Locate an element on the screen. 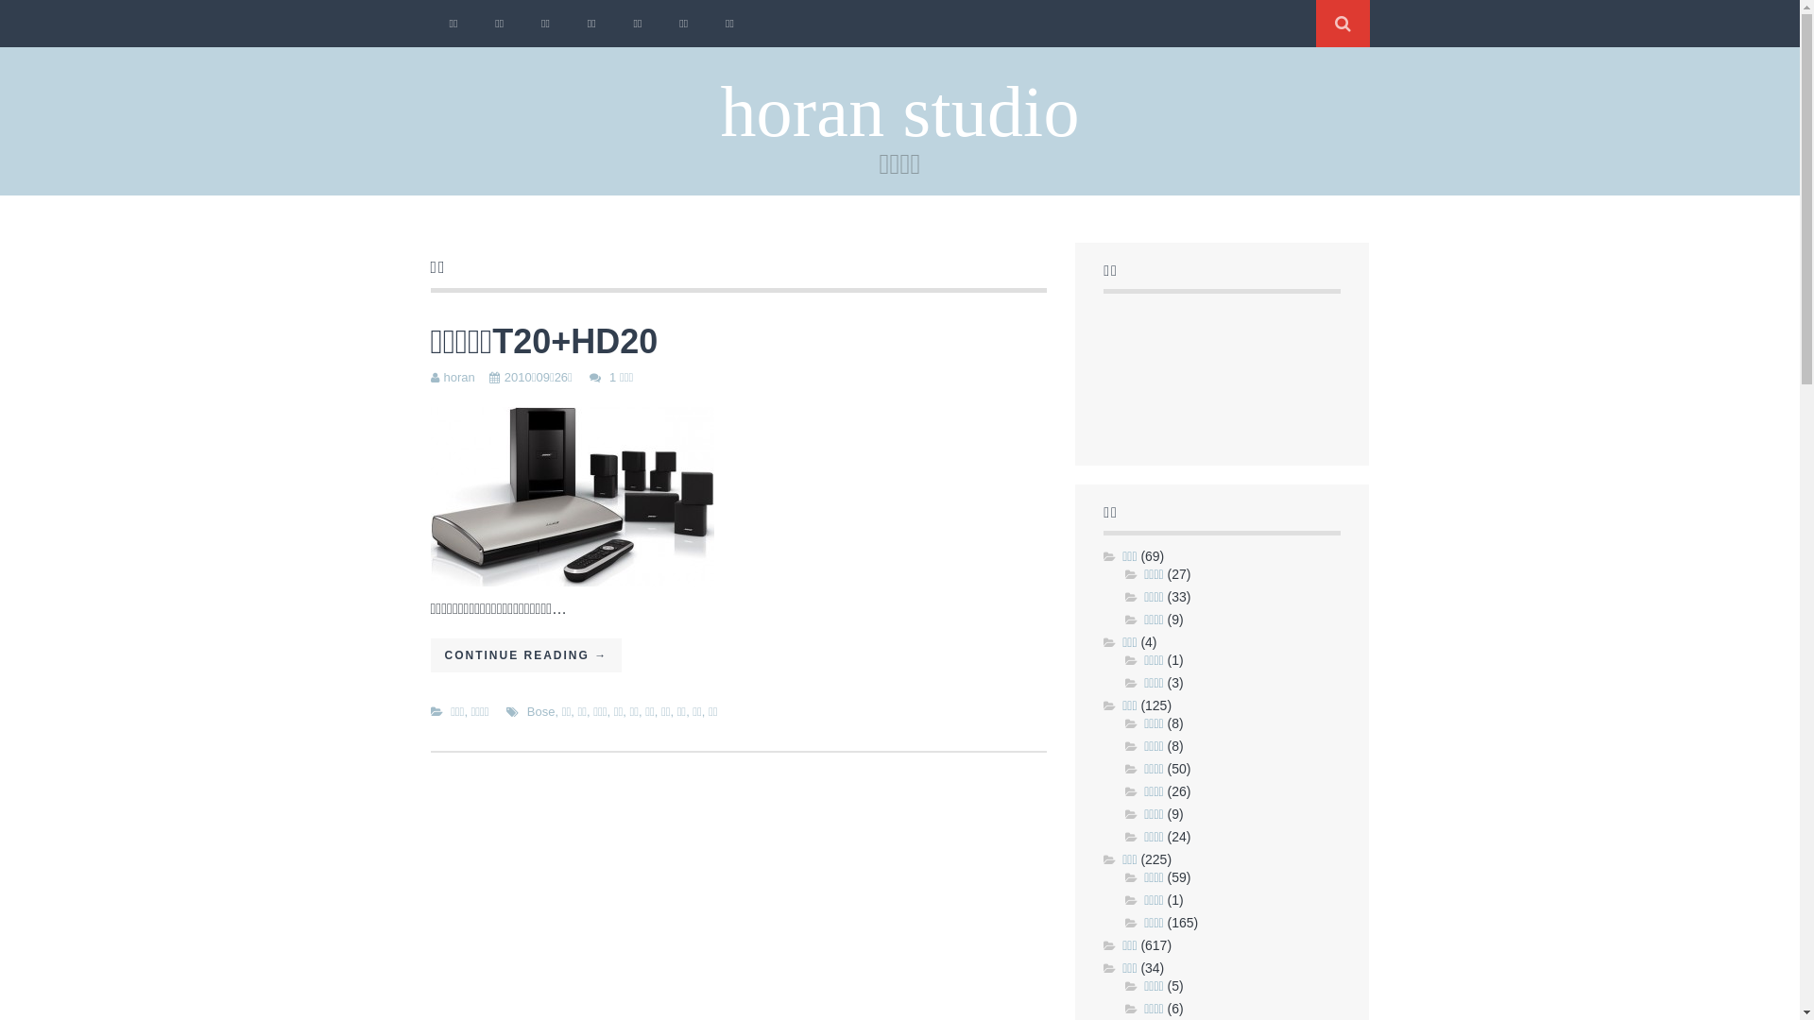 The width and height of the screenshot is (1814, 1020). 'horan' is located at coordinates (443, 377).